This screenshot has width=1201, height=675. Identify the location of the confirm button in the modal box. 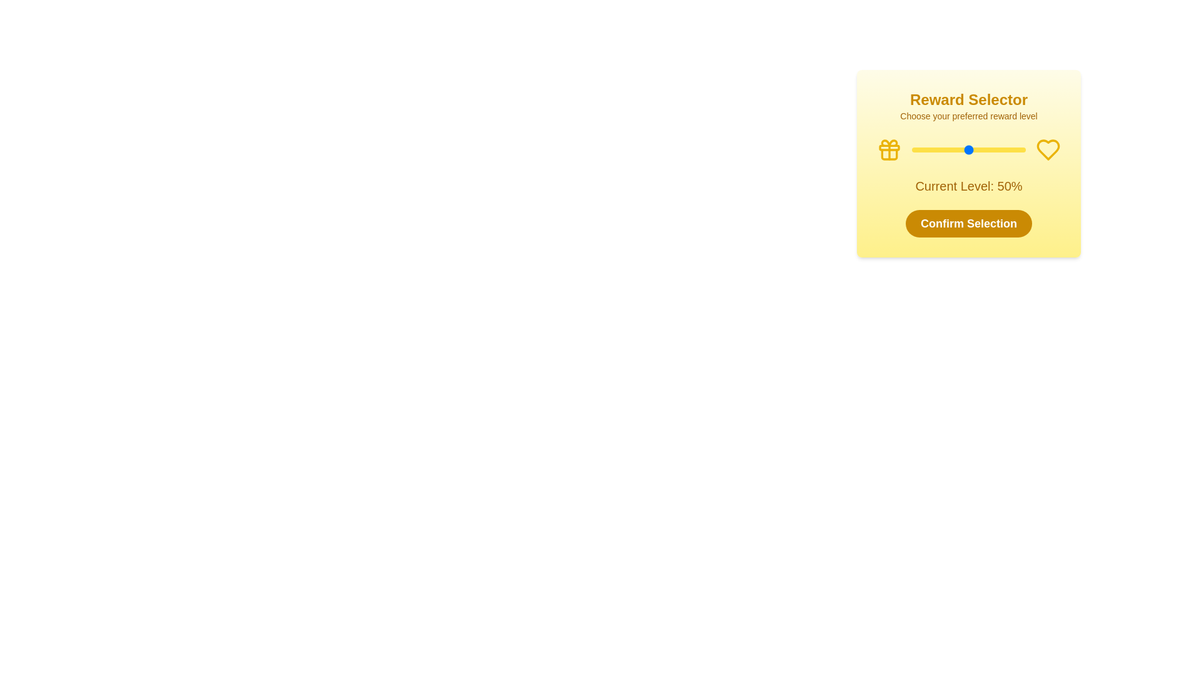
(968, 170).